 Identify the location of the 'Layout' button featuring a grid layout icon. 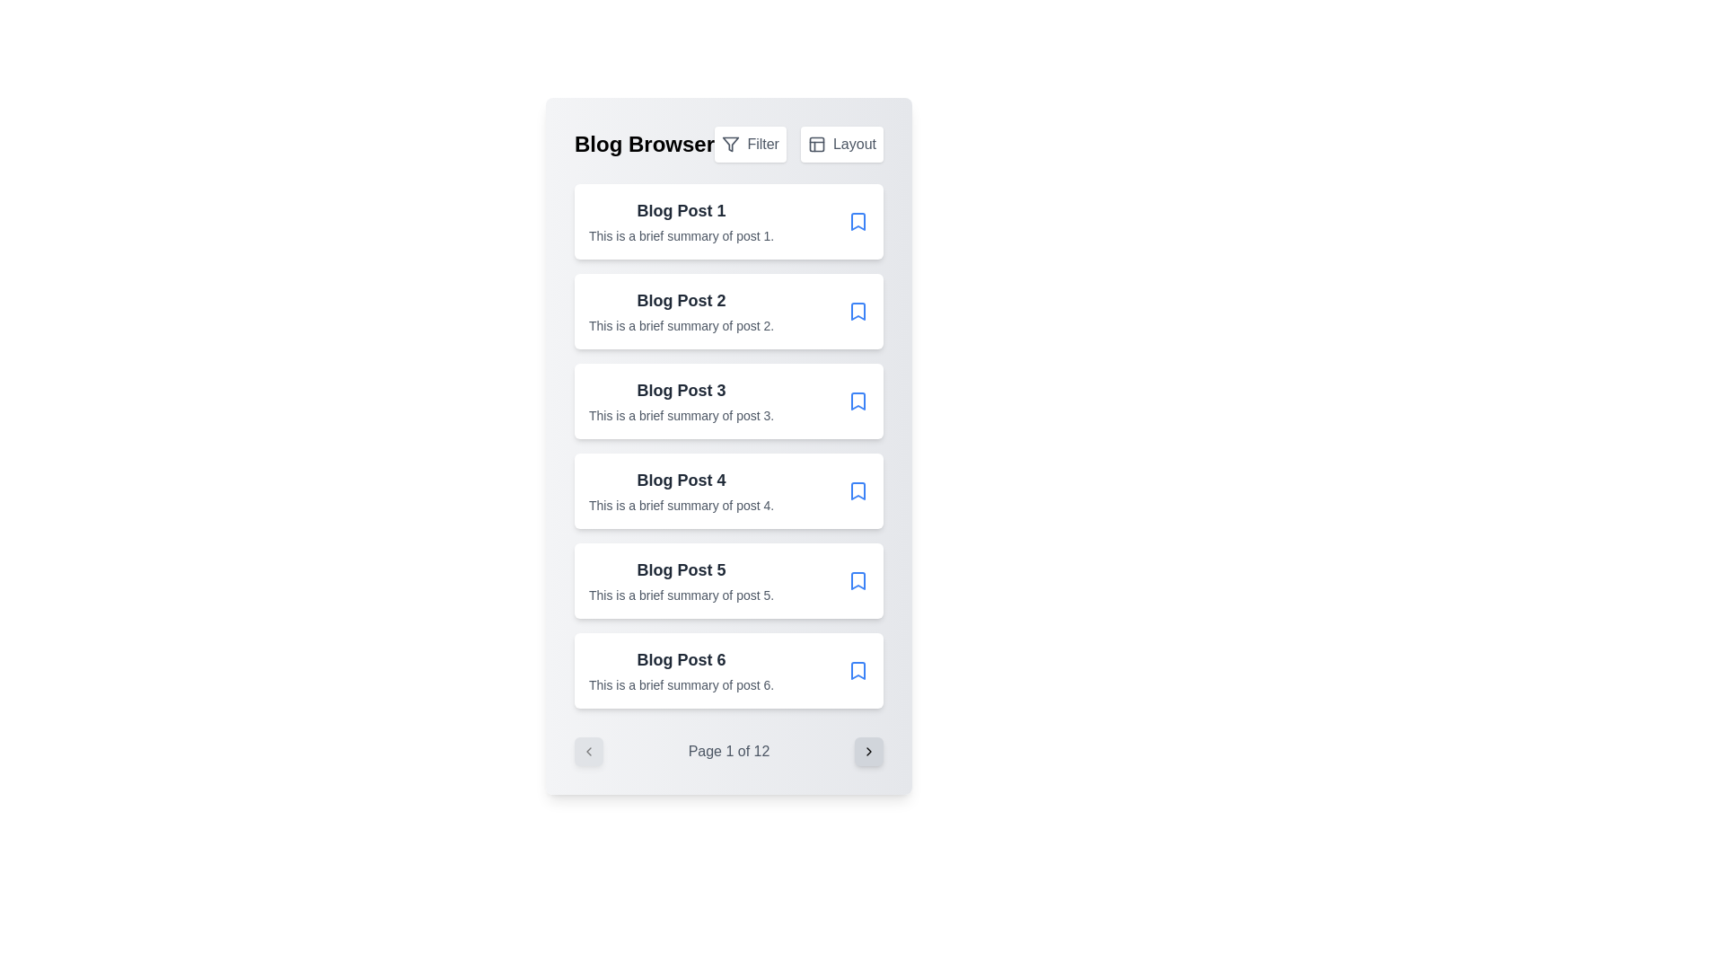
(840, 144).